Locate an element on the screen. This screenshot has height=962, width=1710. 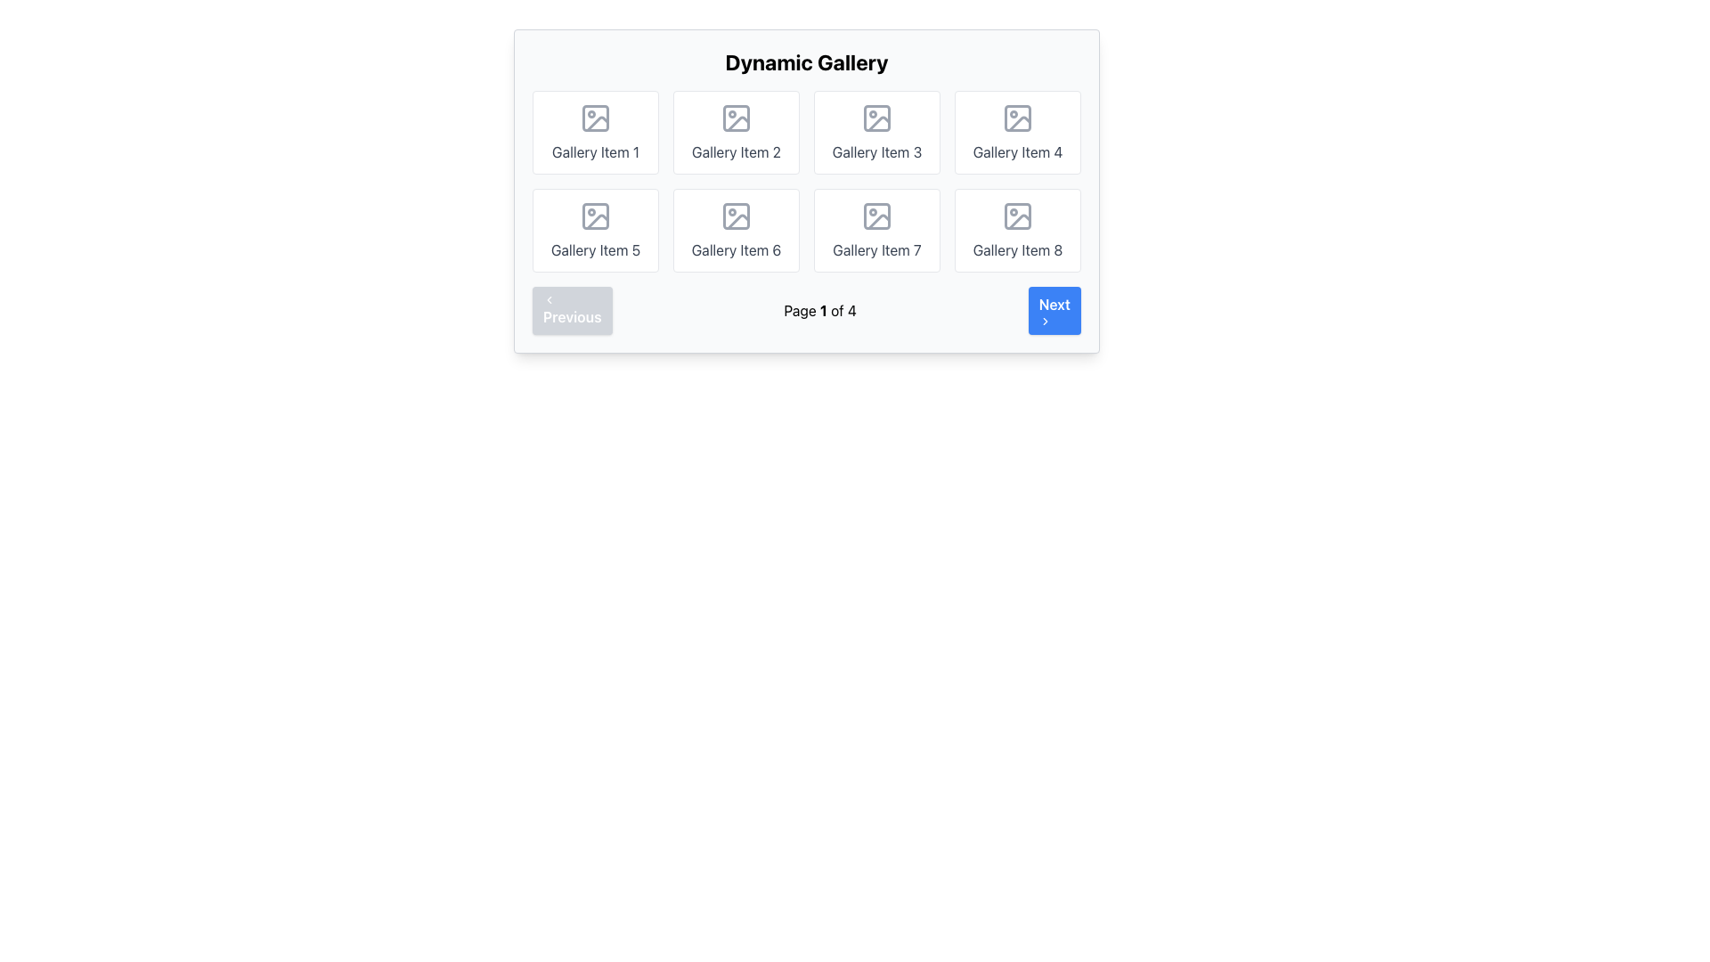
the gallery item card located in the second row, second column of the grid layout, positioned between 'Gallery Item 5' and 'Gallery Item 7' is located at coordinates (736, 229).